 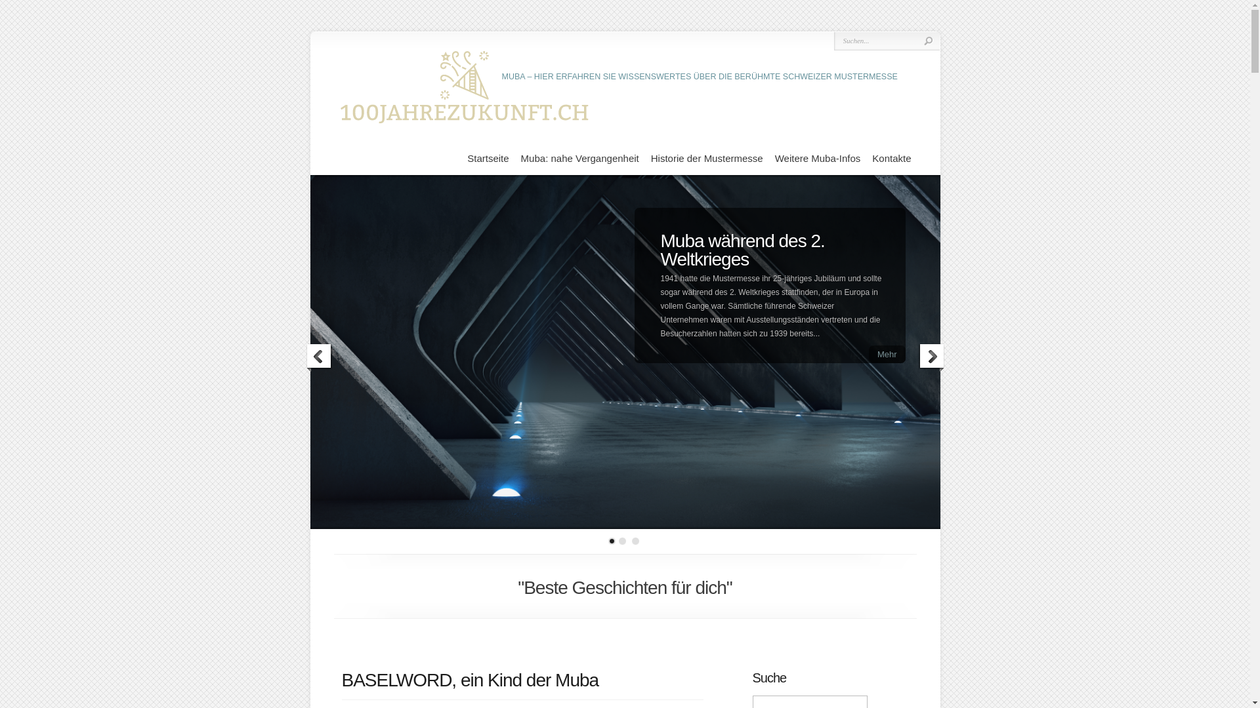 I want to click on 'Next', so click(x=929, y=358).